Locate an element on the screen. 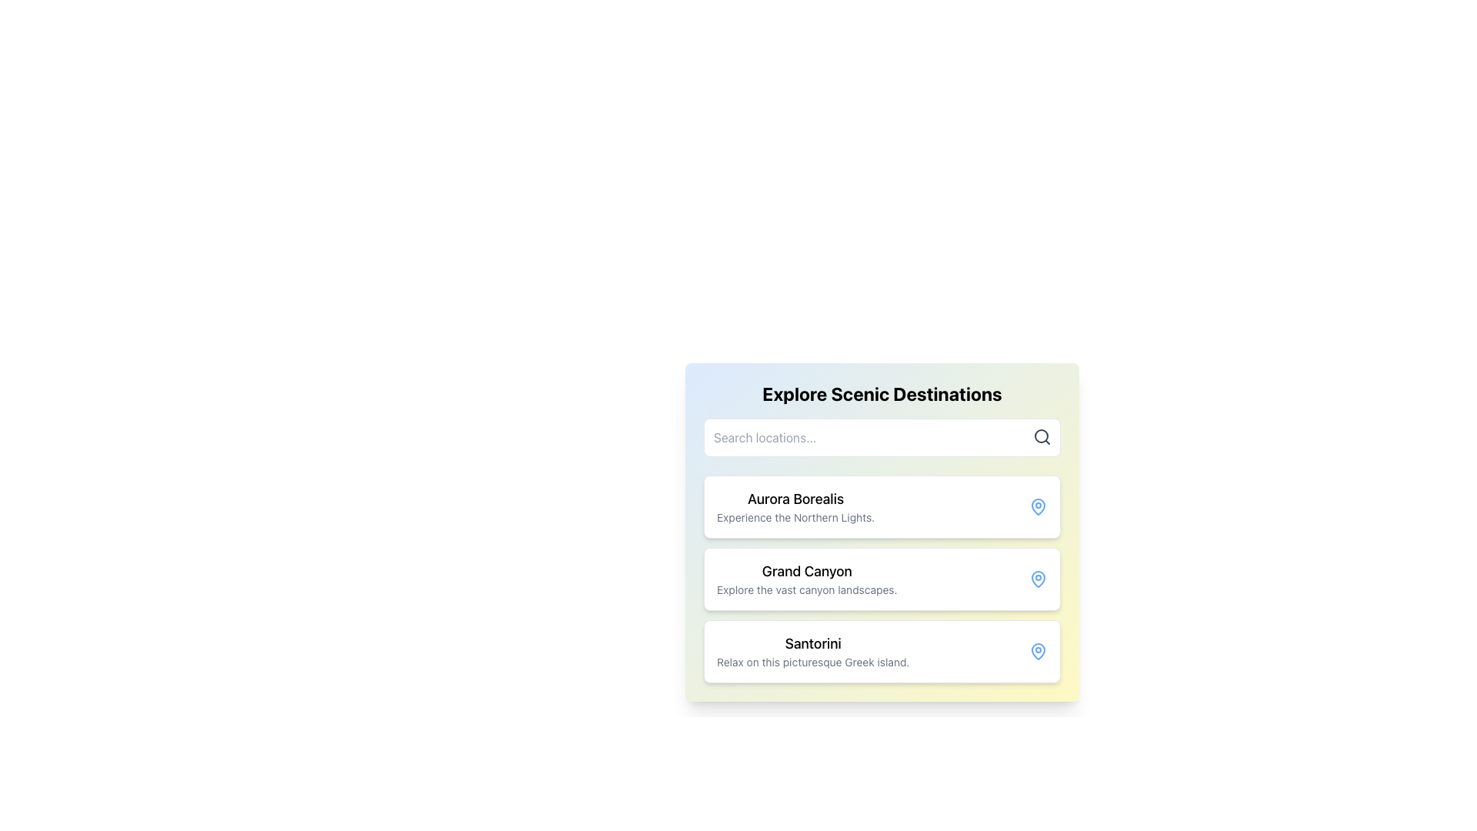  the text label 'Aurora Borealis' which is styled in a medium-weight font and located at the top of a card component within the 'Explore Scenic Destinations' section is located at coordinates (795, 499).